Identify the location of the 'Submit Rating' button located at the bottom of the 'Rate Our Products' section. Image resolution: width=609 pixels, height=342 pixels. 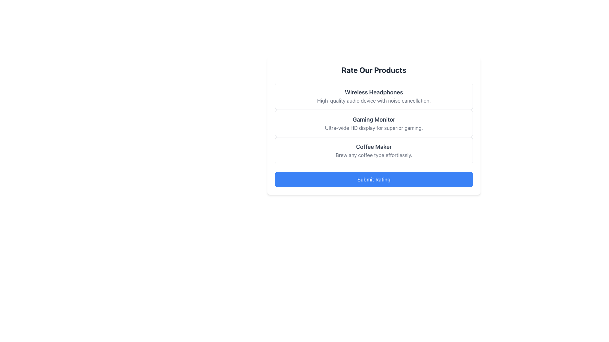
(374, 180).